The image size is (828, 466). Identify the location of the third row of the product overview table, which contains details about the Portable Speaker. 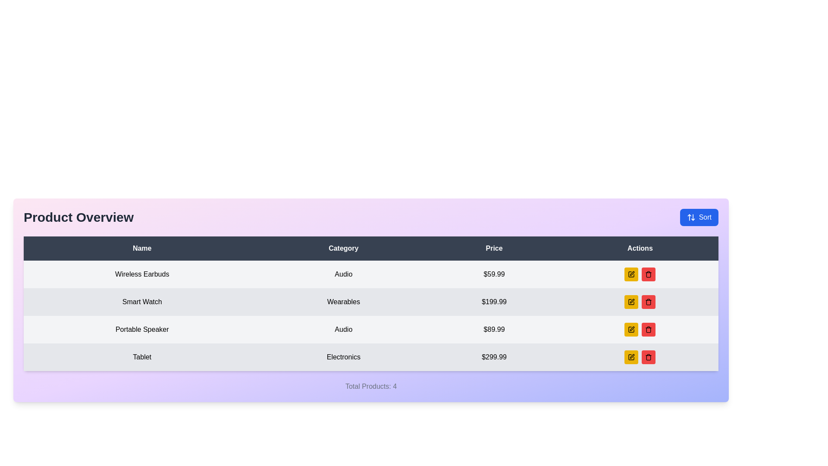
(371, 329).